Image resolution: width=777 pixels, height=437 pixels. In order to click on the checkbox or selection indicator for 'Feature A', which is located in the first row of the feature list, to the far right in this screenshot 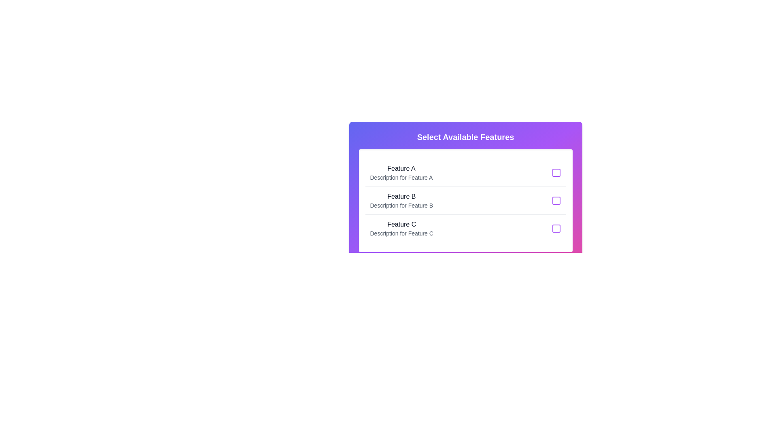, I will do `click(556, 172)`.